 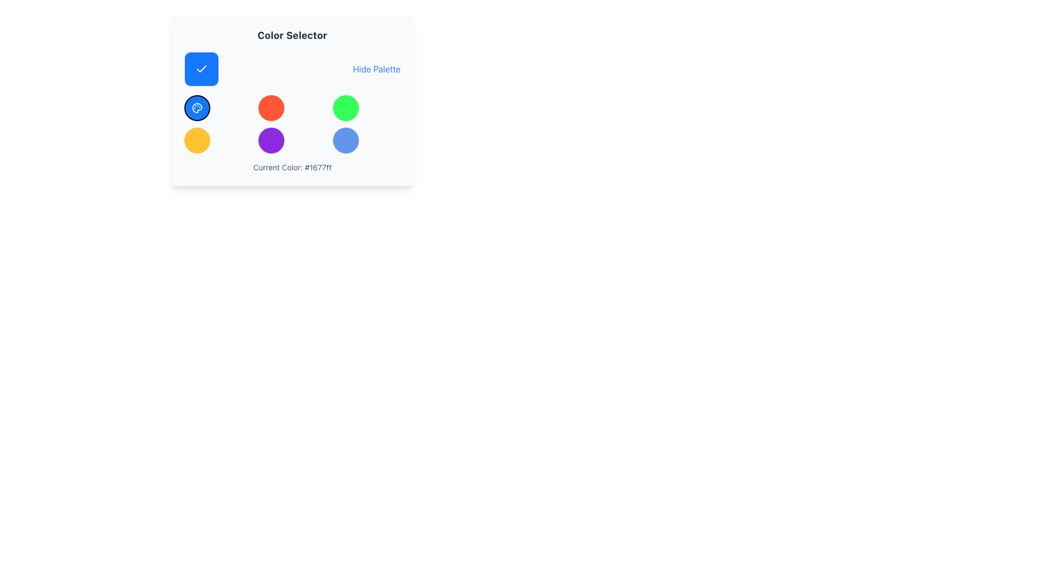 I want to click on the 'Color Selector' text label, which is prominently displayed in bold, grayish-black font at the top of the panel with rounded corners, so click(x=292, y=35).